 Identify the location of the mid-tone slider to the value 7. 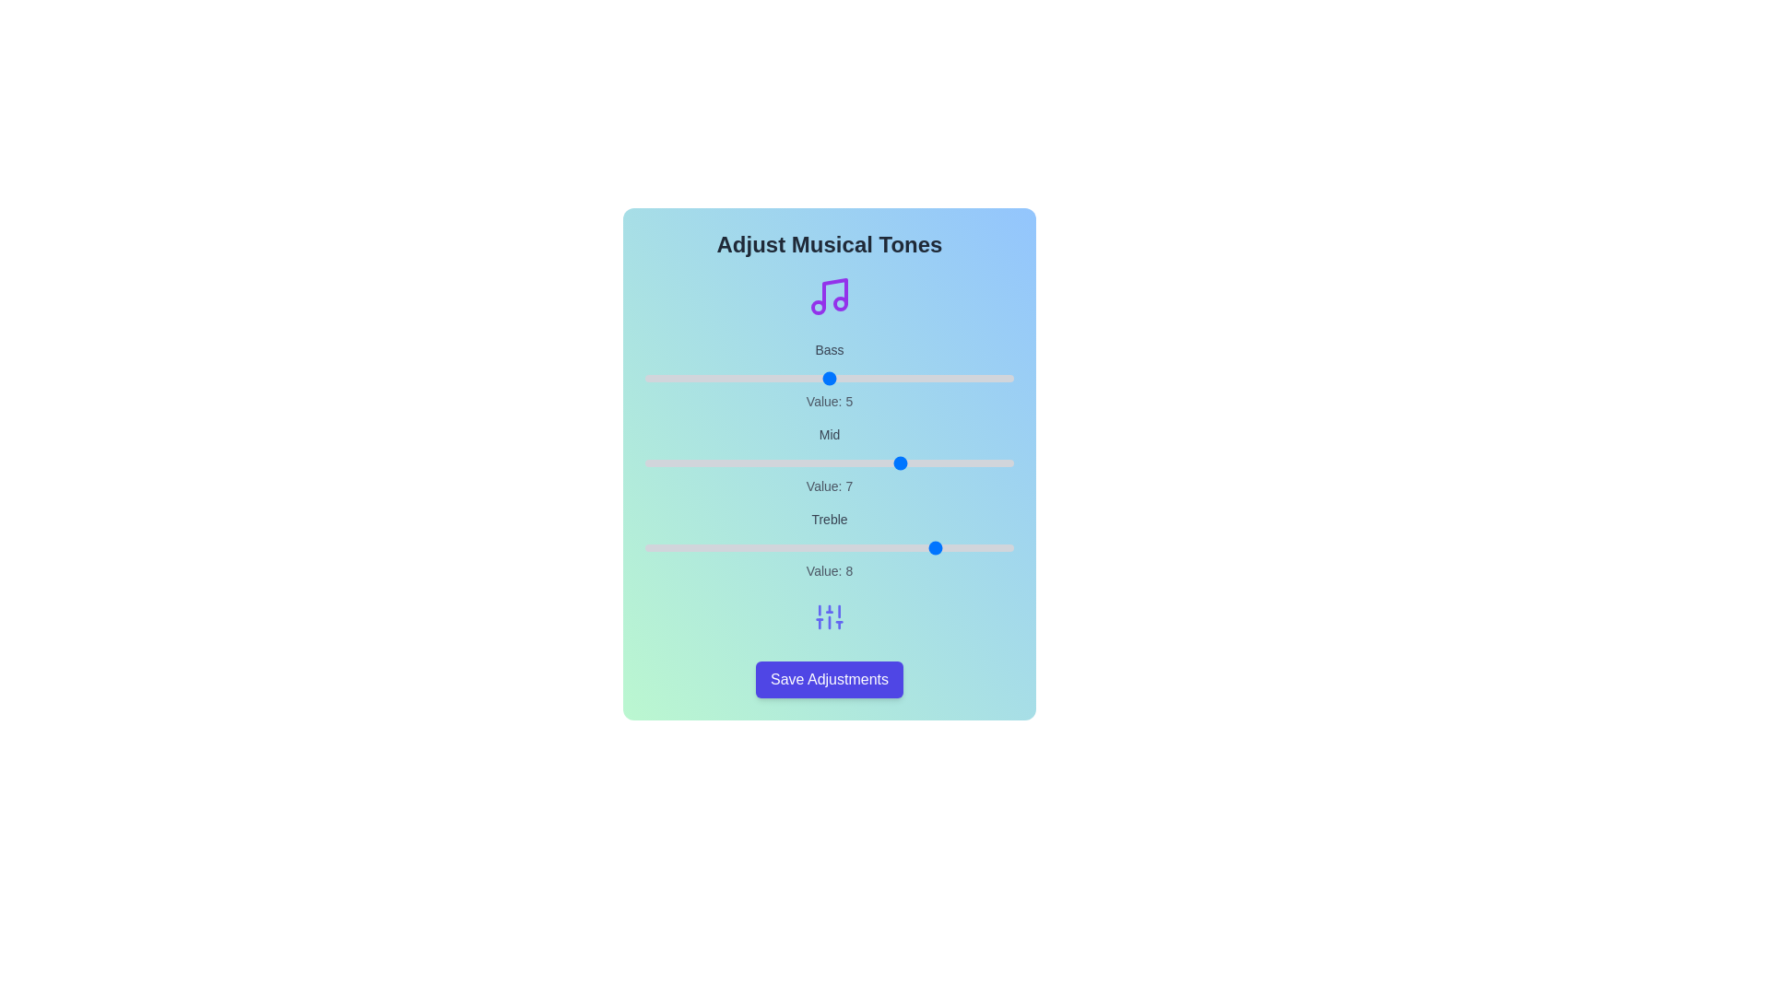
(903, 462).